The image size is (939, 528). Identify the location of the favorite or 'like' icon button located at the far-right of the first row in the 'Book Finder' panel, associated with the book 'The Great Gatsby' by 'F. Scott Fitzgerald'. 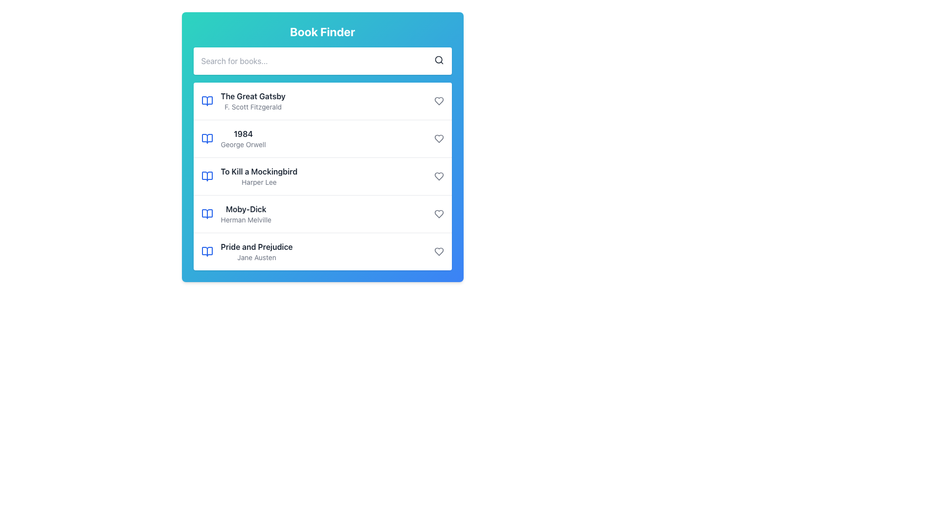
(438, 101).